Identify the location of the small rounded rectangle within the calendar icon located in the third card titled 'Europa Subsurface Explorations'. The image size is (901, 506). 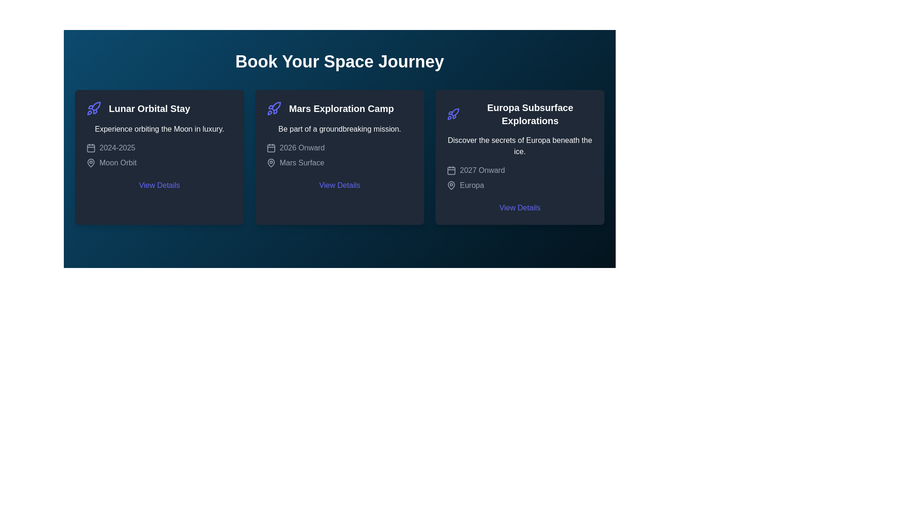
(451, 170).